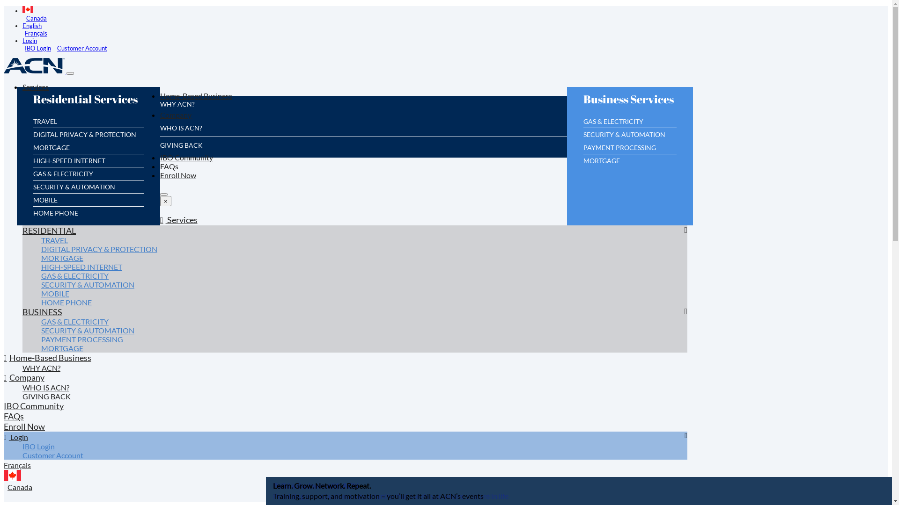  What do you see at coordinates (34, 409) in the screenshot?
I see `'IBO Community'` at bounding box center [34, 409].